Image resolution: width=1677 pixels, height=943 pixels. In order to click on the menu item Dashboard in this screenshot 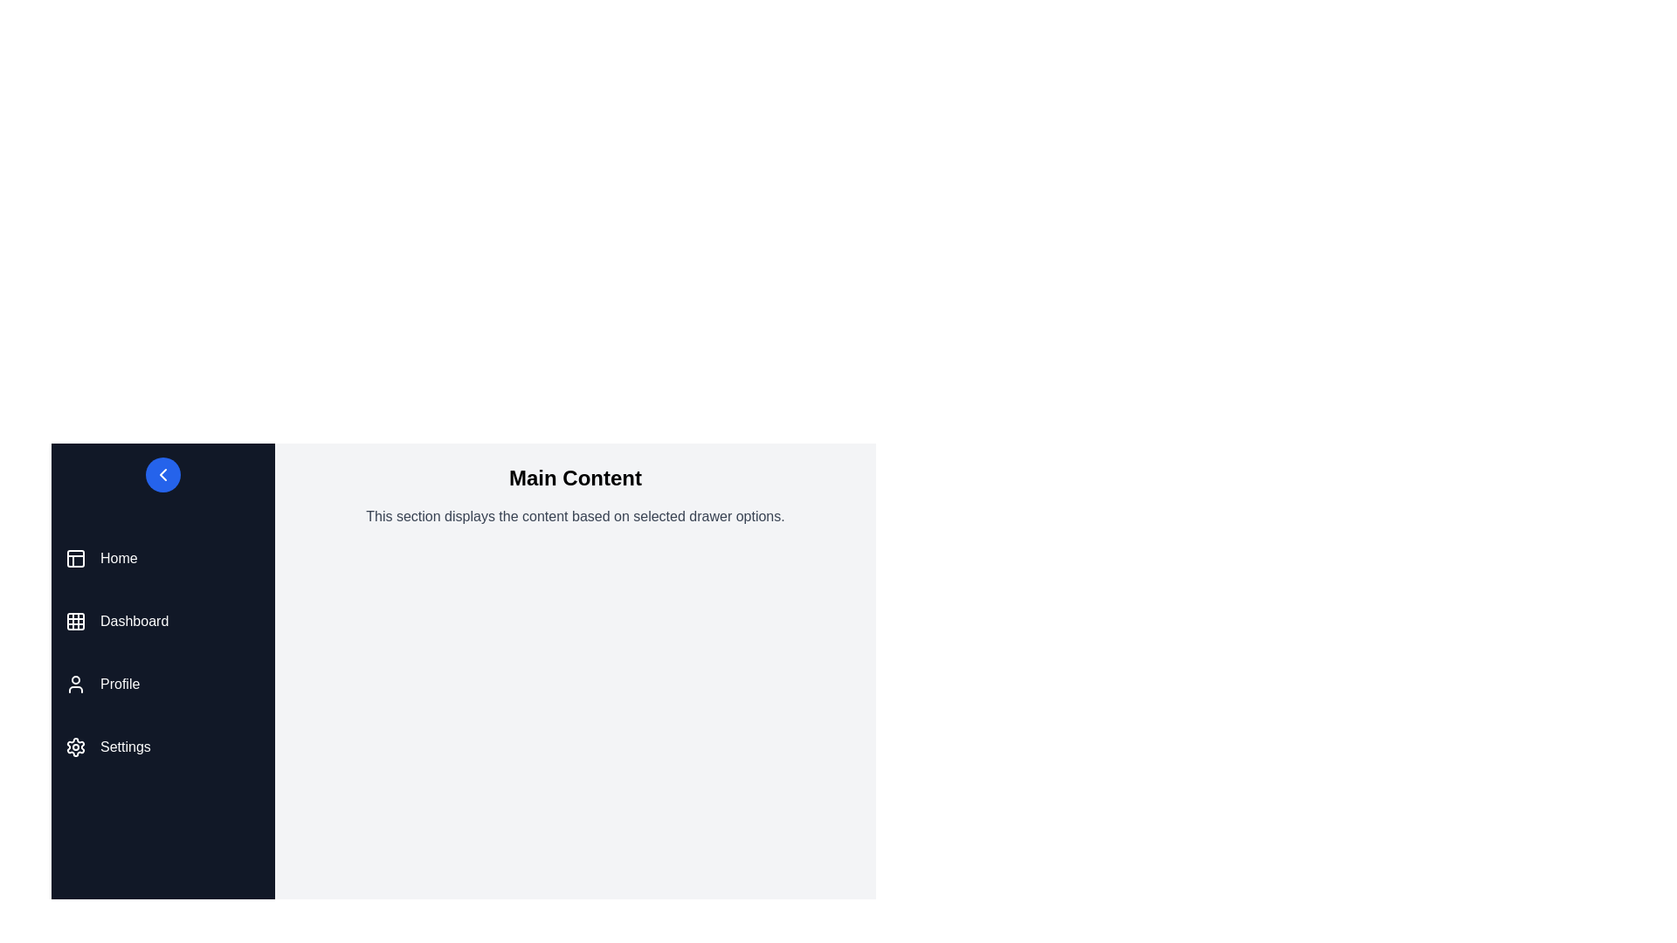, I will do `click(163, 621)`.